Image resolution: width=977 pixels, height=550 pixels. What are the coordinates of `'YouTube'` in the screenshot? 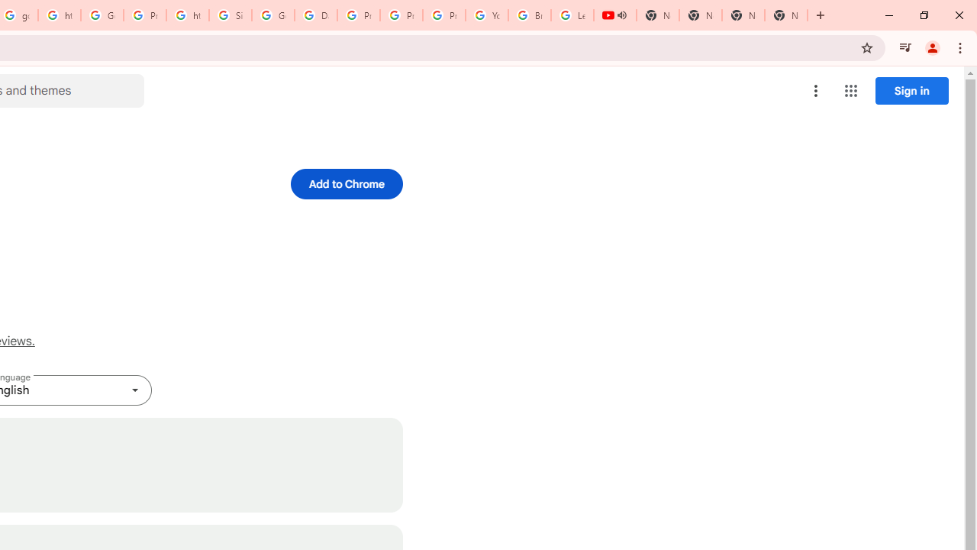 It's located at (486, 15).